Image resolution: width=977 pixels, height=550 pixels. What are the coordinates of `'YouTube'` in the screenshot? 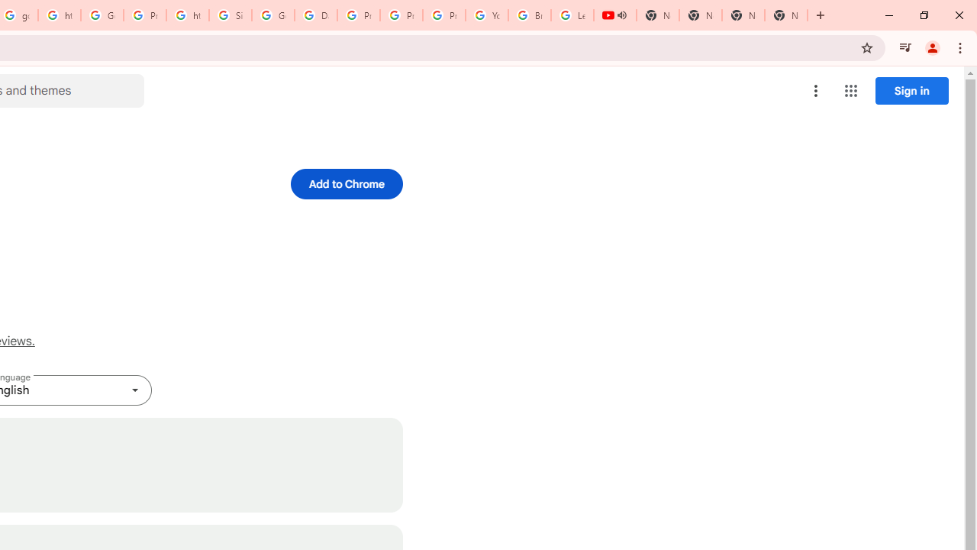 It's located at (486, 15).